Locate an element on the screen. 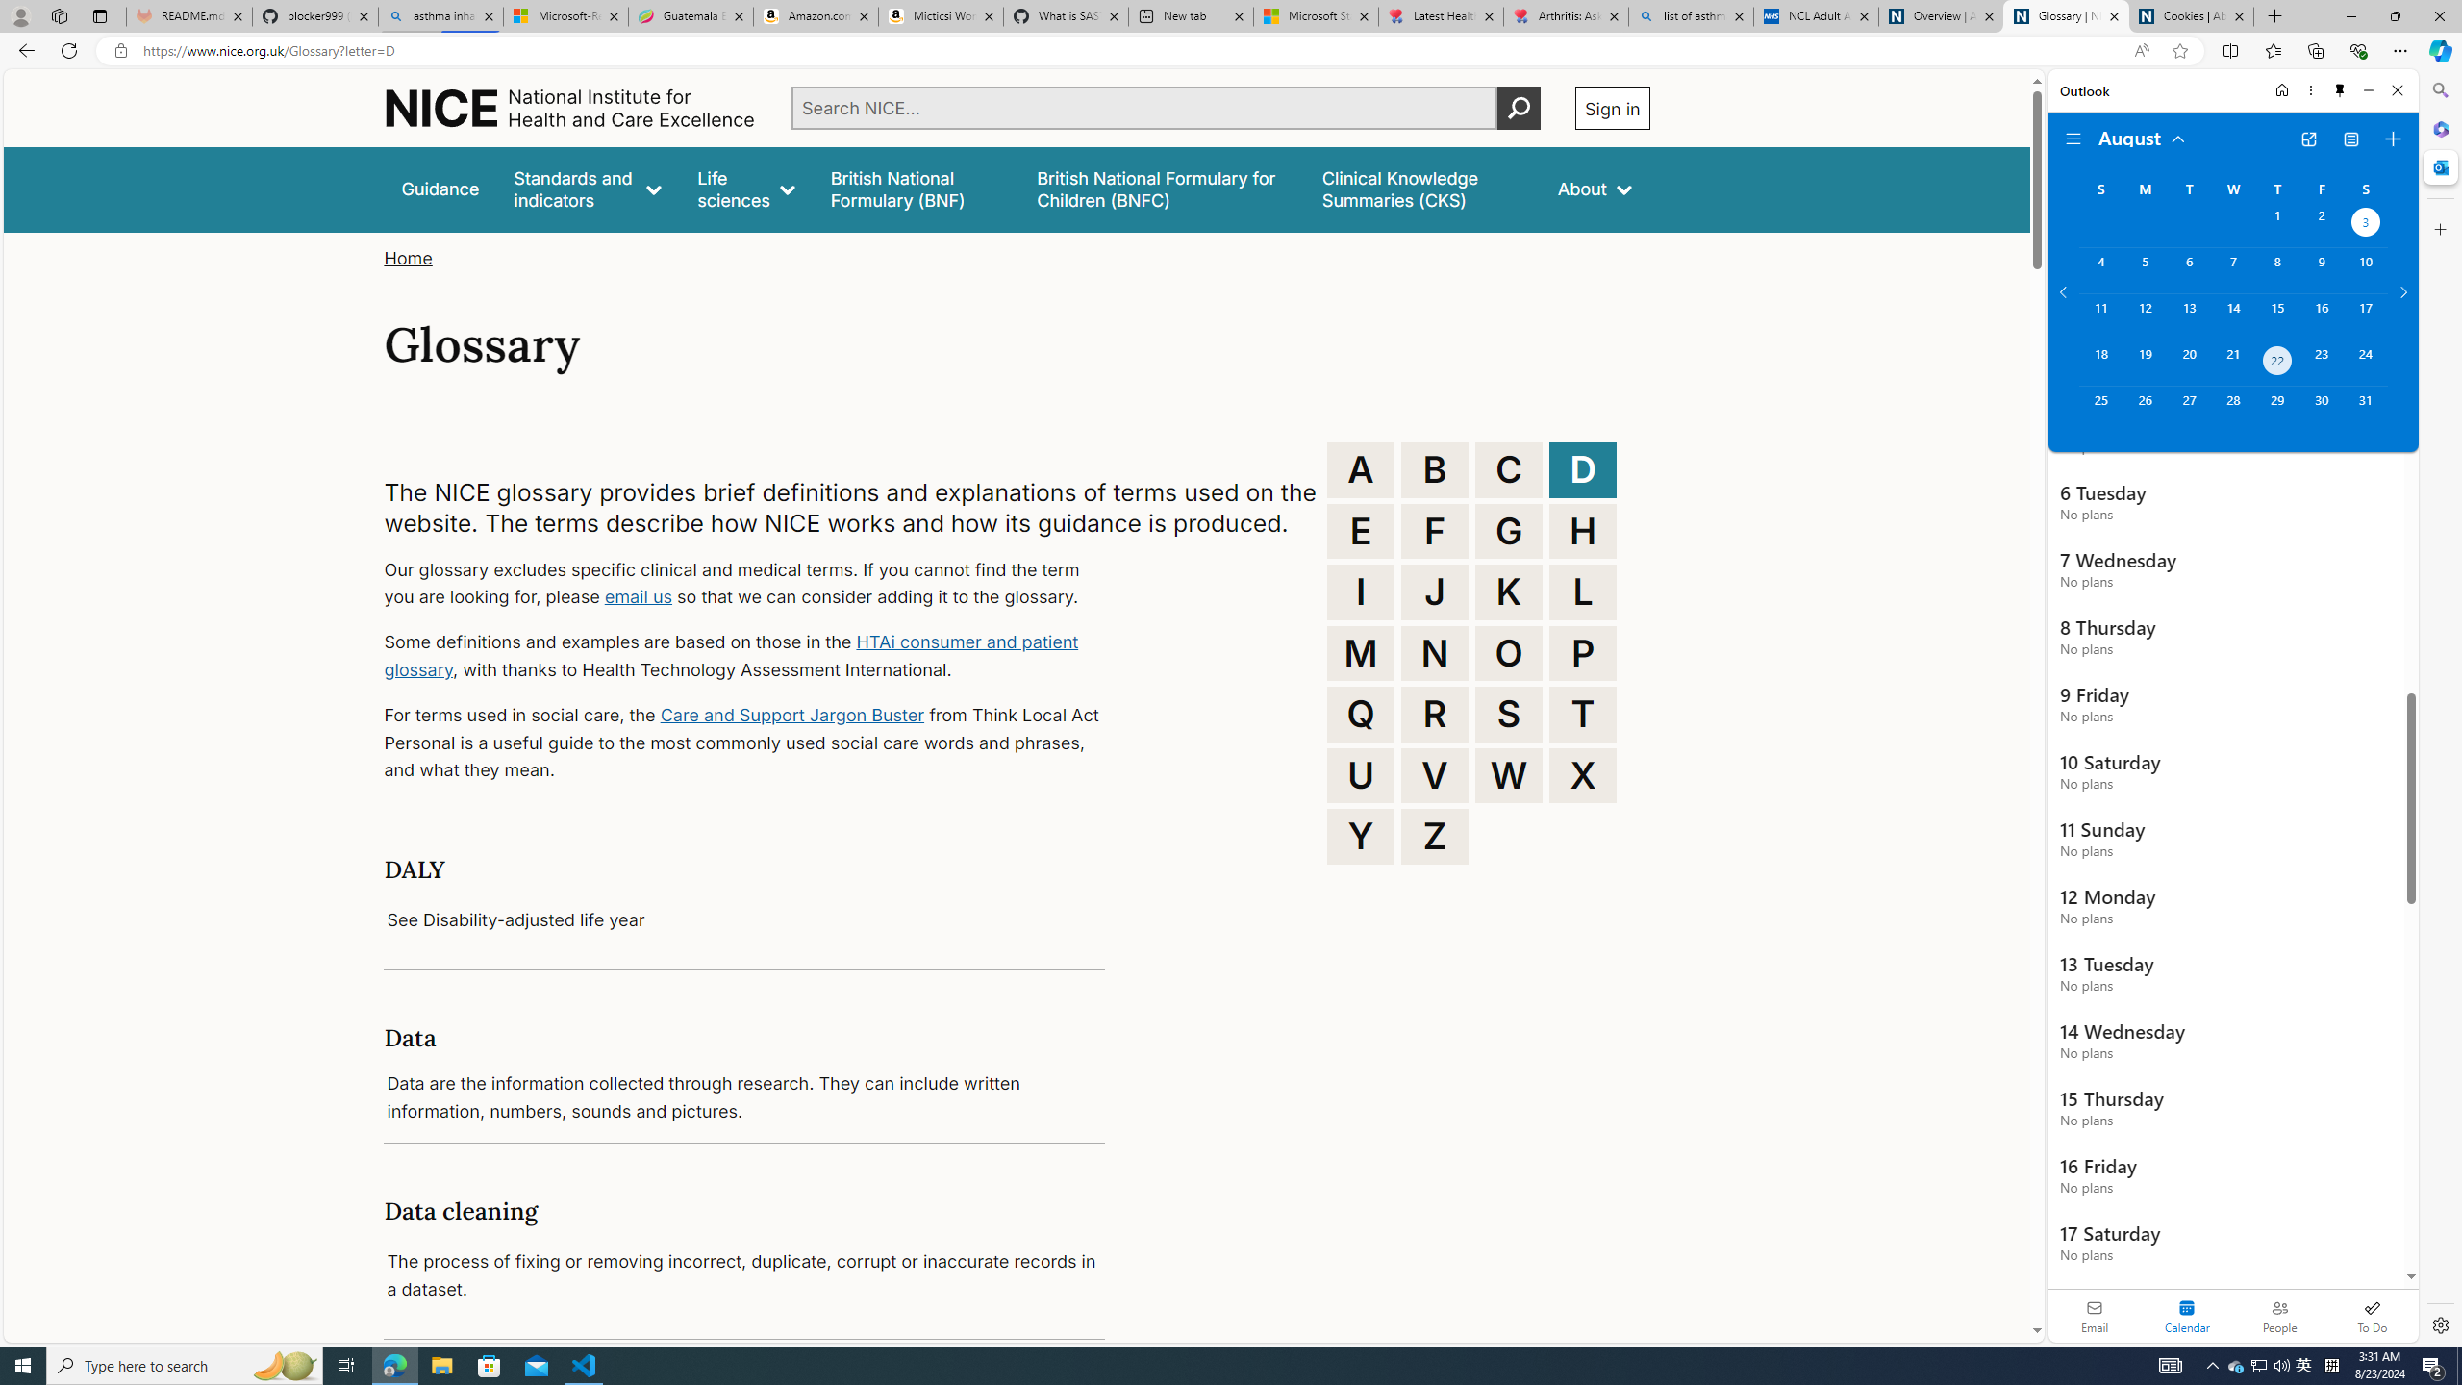  'Glossary | NICE' is located at coordinates (2066, 15).